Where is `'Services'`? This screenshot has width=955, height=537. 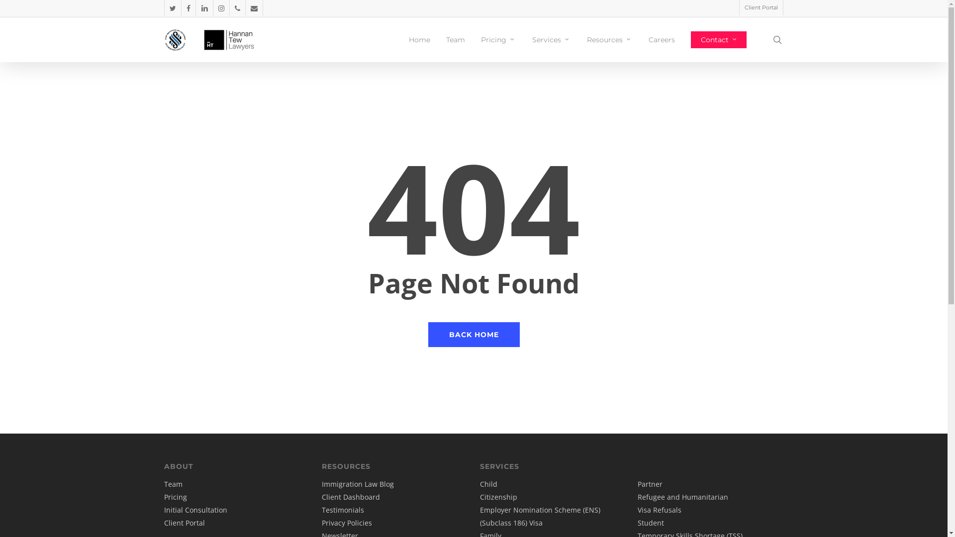
'Services' is located at coordinates (551, 39).